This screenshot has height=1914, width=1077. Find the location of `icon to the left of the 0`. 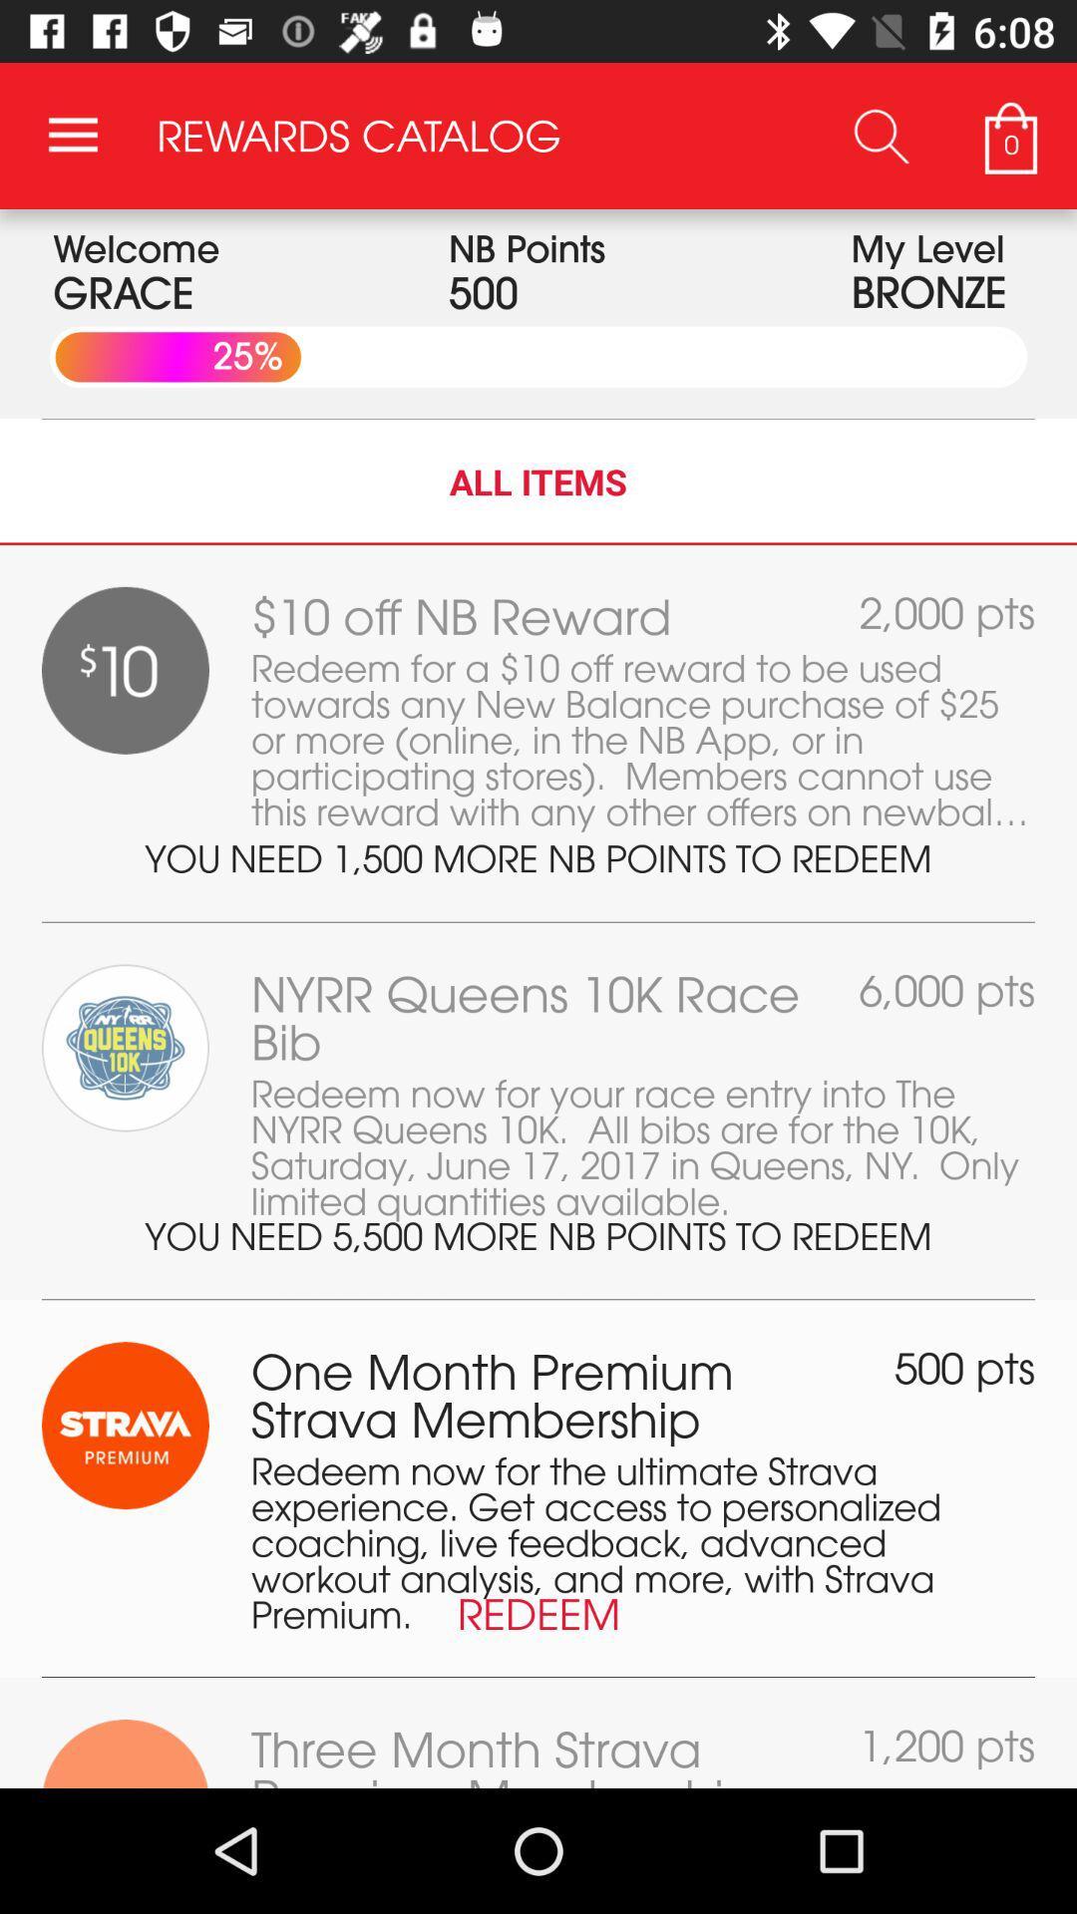

icon to the left of the 0 is located at coordinates (881, 135).